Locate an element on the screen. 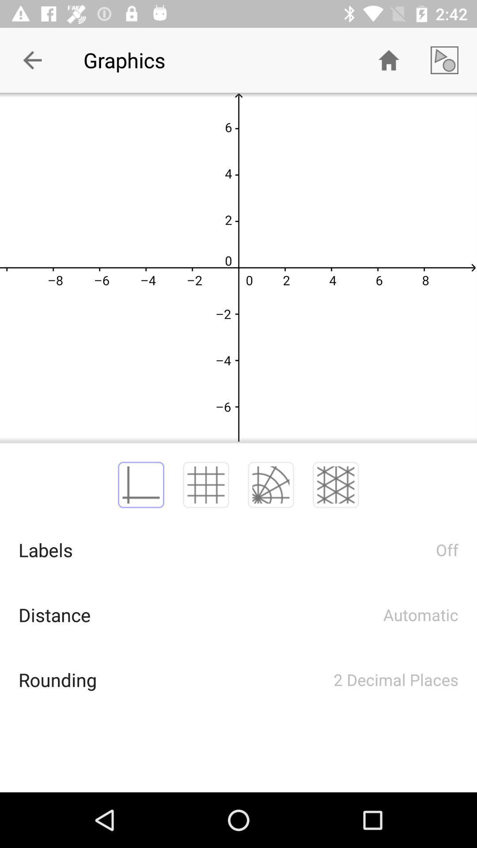 The height and width of the screenshot is (848, 477). icon at the top left corner is located at coordinates (32, 60).